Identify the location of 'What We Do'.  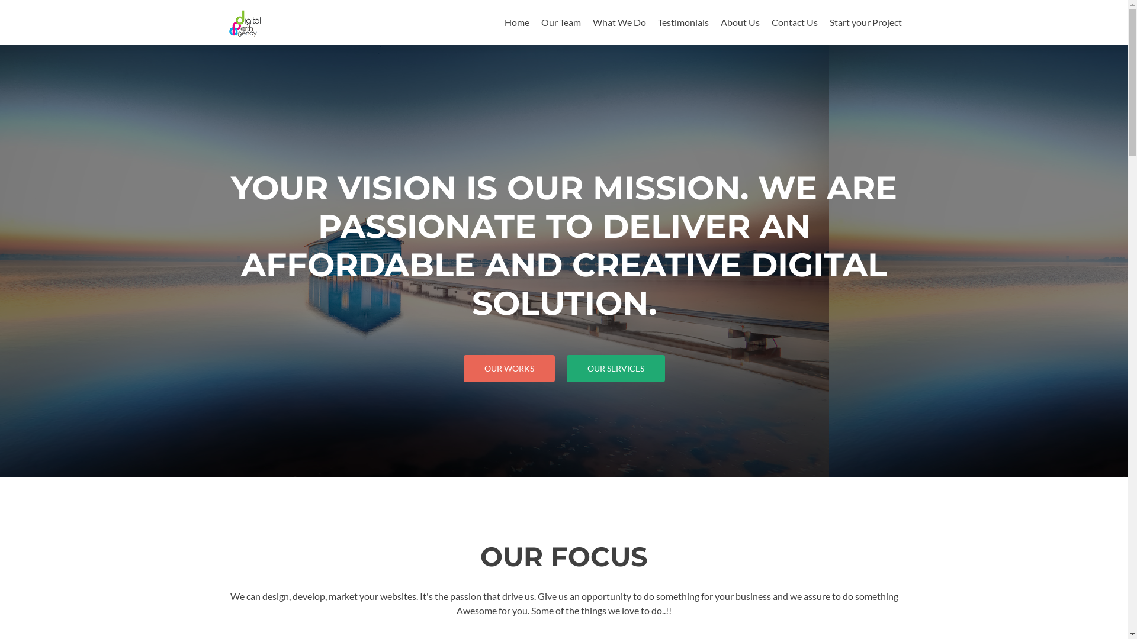
(618, 22).